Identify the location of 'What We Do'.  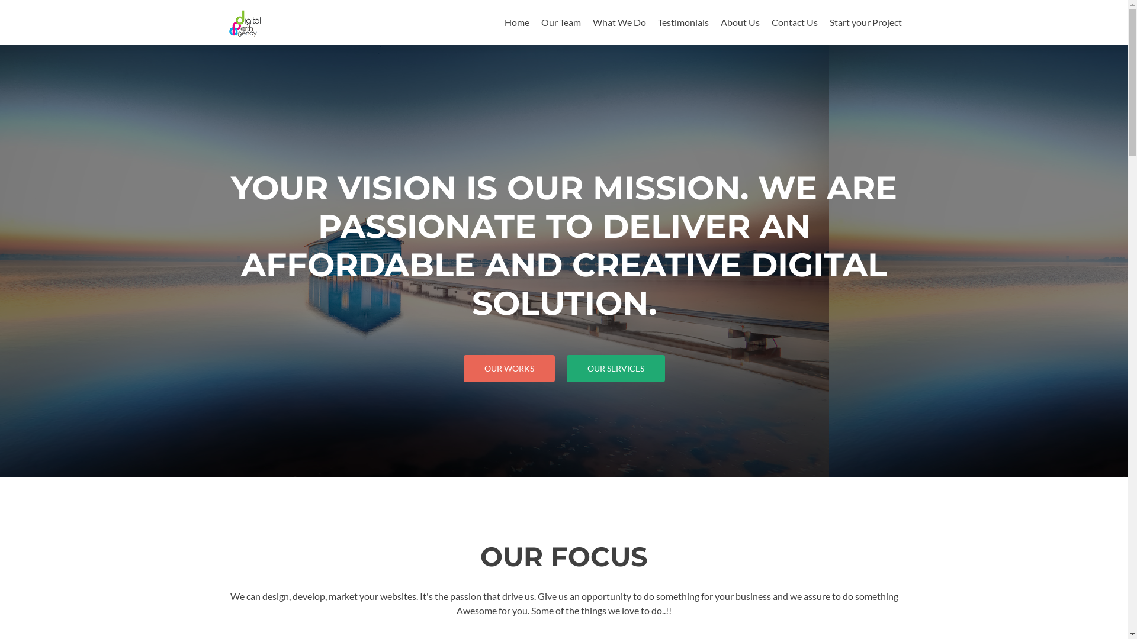
(618, 22).